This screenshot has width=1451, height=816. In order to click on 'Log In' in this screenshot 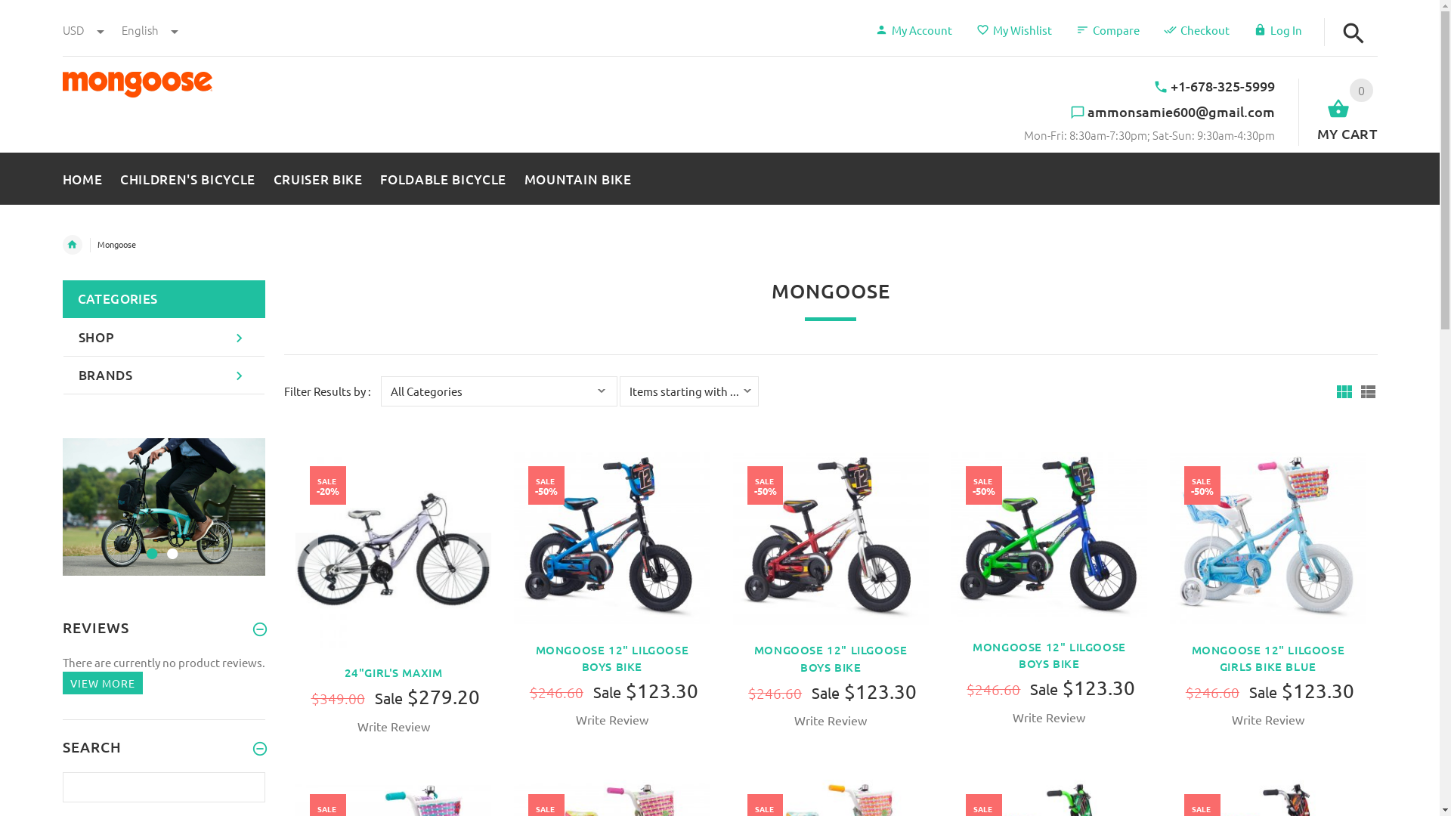, I will do `click(1276, 29)`.